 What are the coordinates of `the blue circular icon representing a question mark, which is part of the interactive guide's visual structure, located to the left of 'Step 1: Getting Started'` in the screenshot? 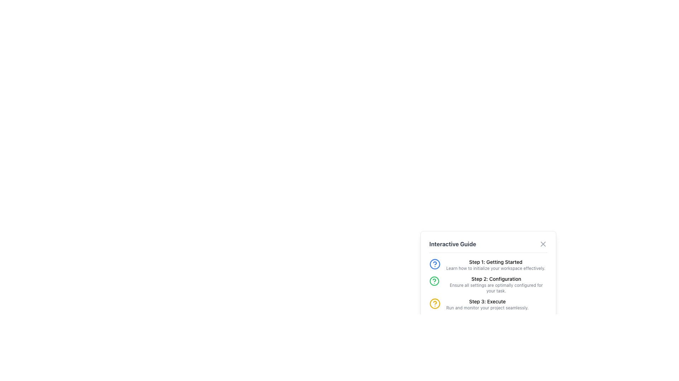 It's located at (434, 264).